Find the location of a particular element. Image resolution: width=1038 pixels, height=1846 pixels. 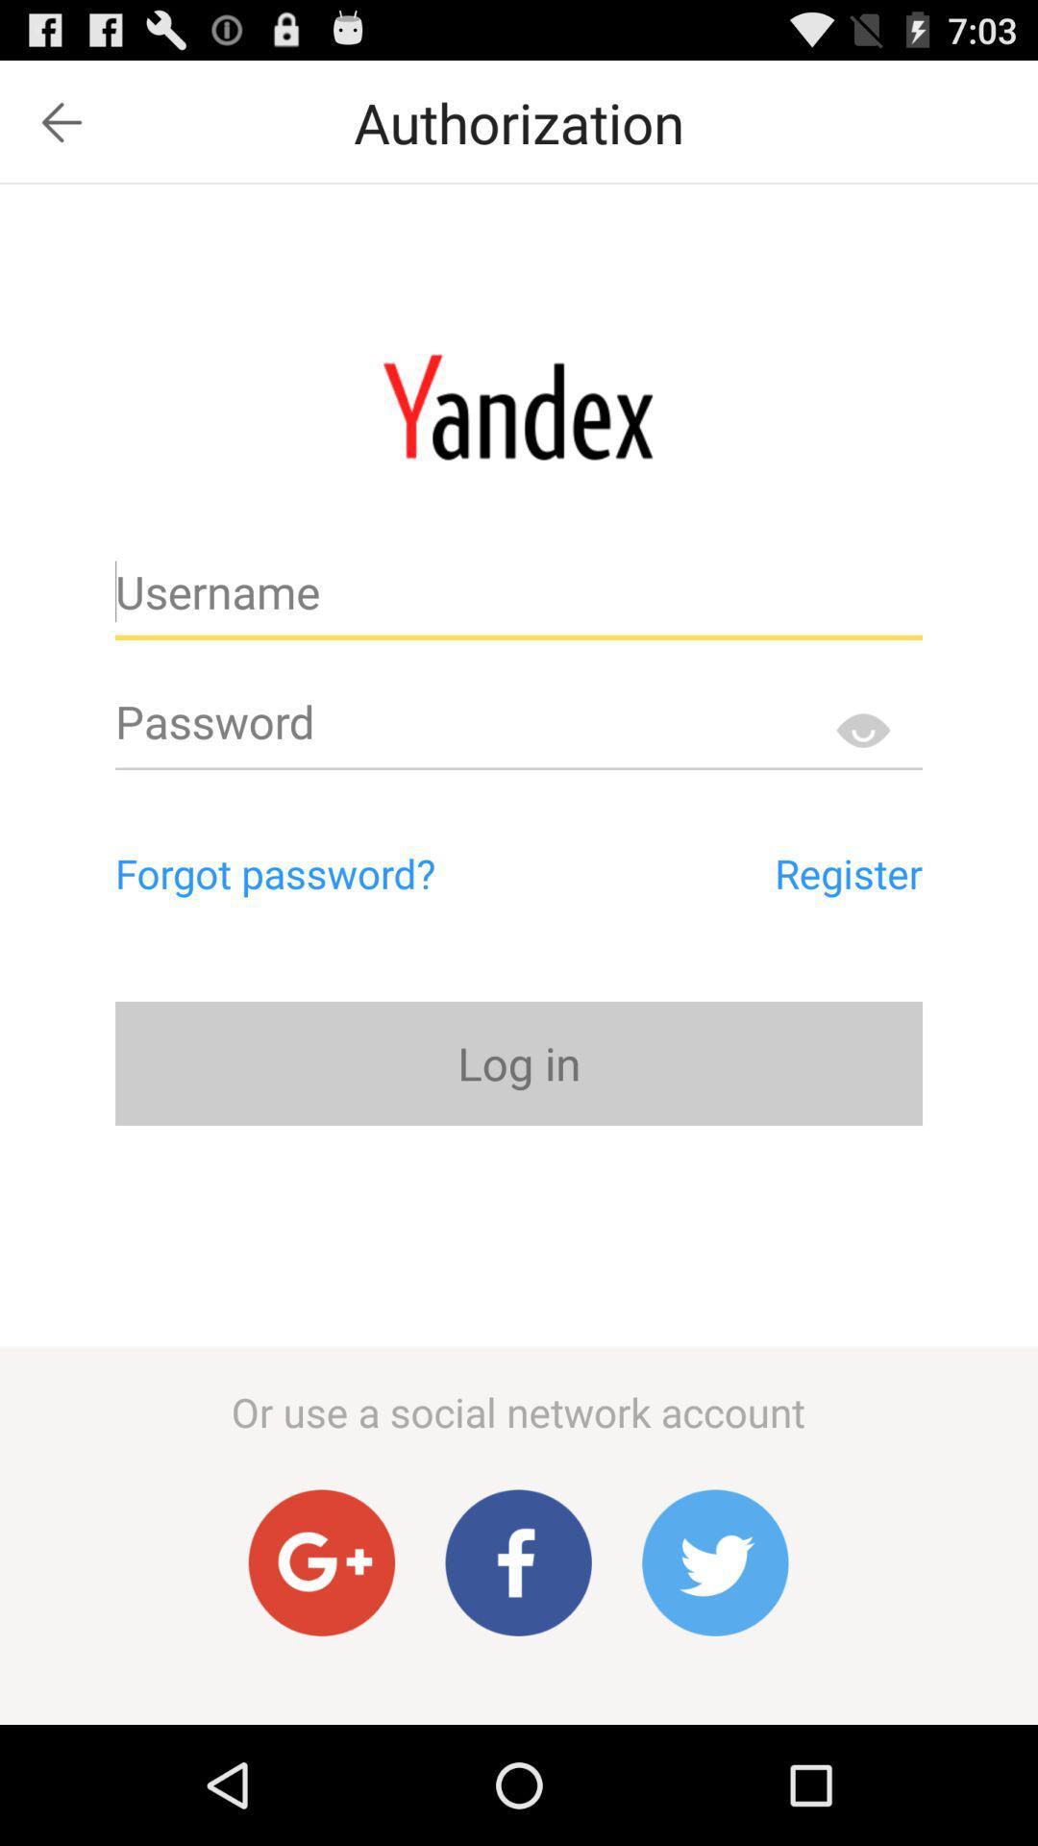

the item above the log in icon is located at coordinates (357, 872).